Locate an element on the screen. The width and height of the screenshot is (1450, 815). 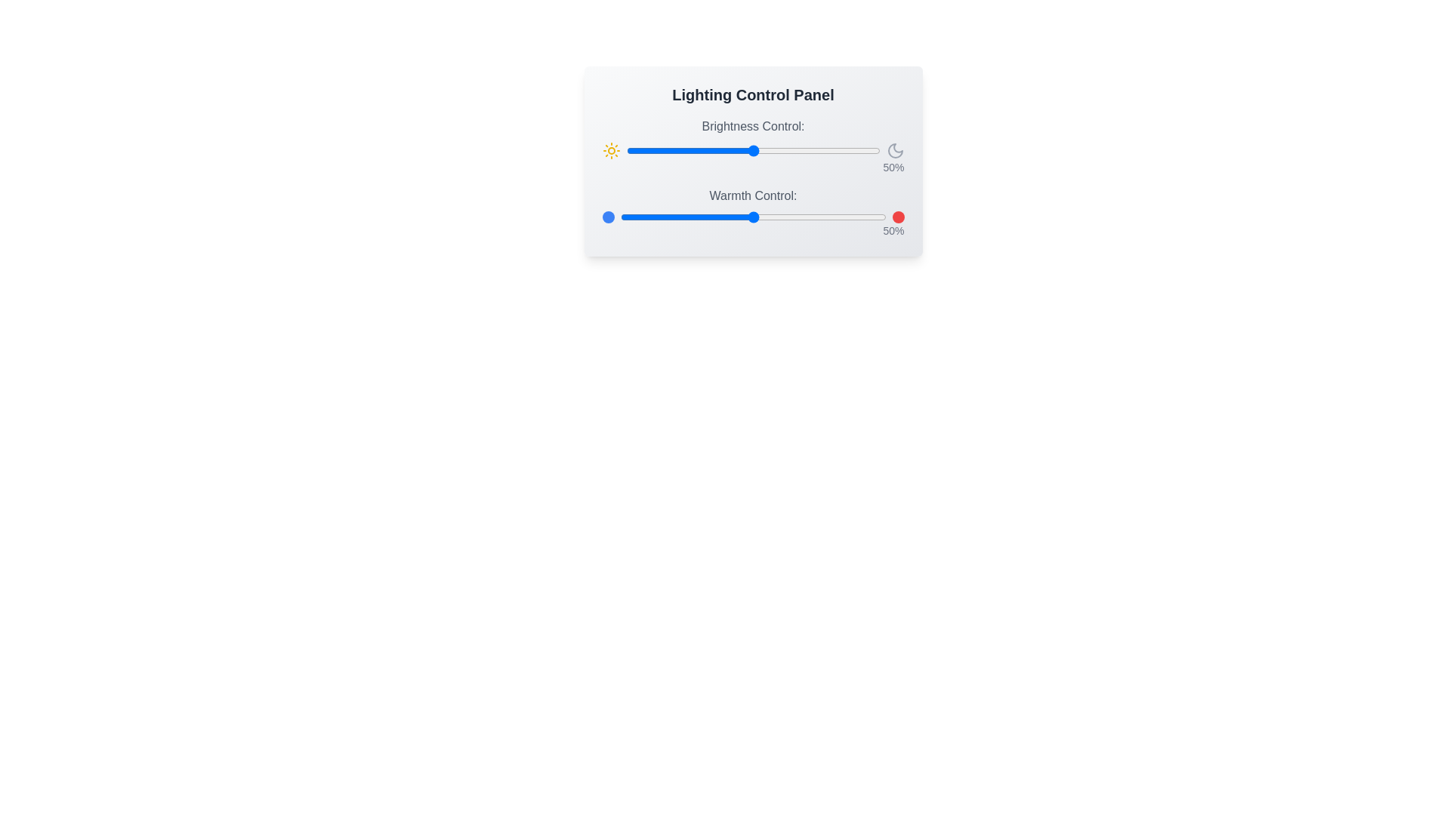
the text label displaying '50%' located on the far right of the Brightness Control section, aligned with the brightness slider is located at coordinates (753, 168).